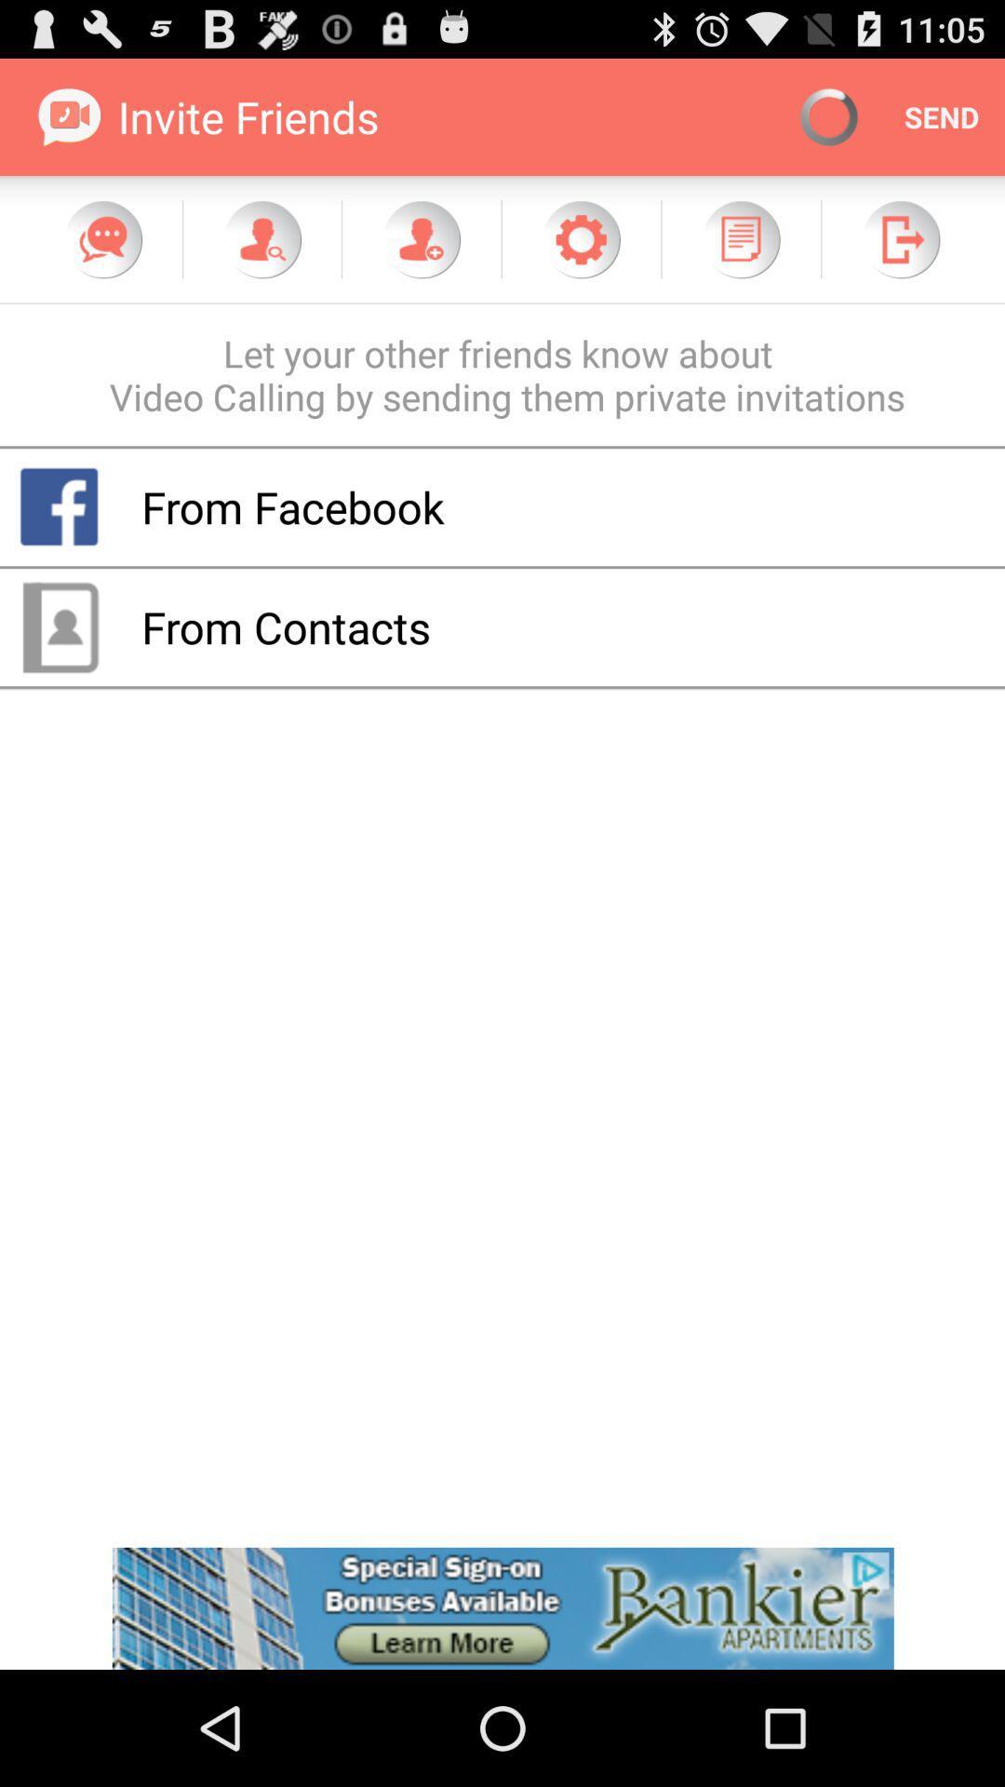  I want to click on the description icon, so click(740, 255).